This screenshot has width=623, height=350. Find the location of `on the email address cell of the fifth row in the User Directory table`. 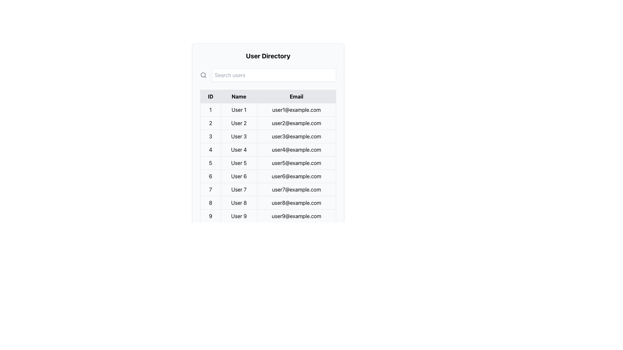

on the email address cell of the fifth row in the User Directory table is located at coordinates (268, 162).